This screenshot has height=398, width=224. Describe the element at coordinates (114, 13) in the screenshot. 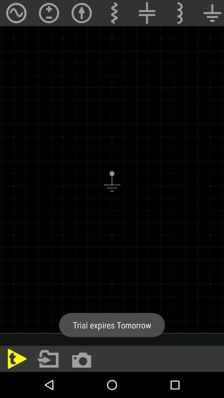

I see `the more icon` at that location.